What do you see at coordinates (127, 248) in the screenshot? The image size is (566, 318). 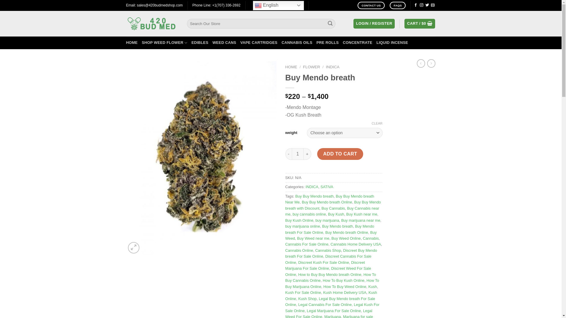 I see `'Zoom'` at bounding box center [127, 248].